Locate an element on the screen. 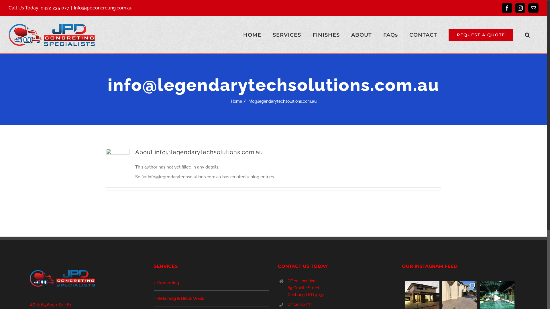 The width and height of the screenshot is (550, 309). 'Search' is located at coordinates (15, 4).